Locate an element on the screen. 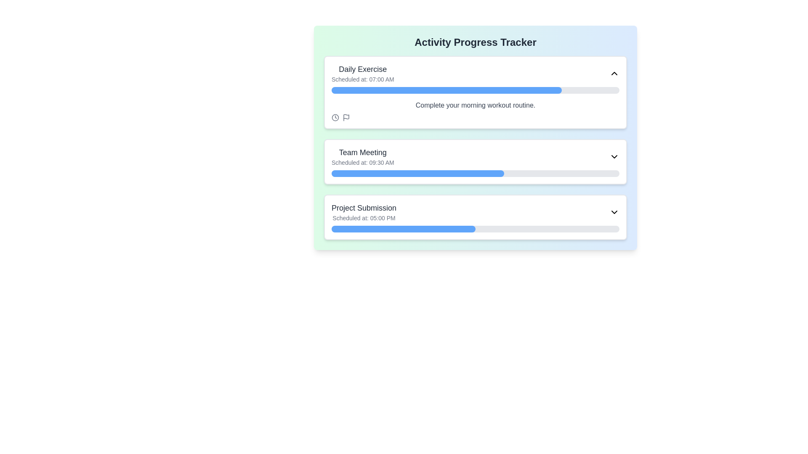  the additional interactive elements of the 'Project Submission' task card by expanding it, located at the center point of the element is located at coordinates (475, 216).